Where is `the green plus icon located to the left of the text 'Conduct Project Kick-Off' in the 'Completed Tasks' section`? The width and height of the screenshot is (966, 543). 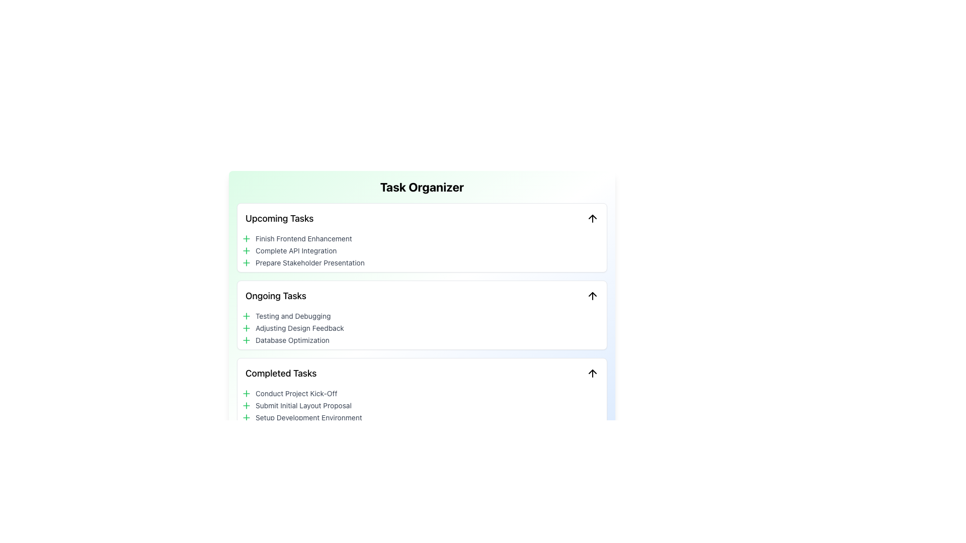
the green plus icon located to the left of the text 'Conduct Project Kick-Off' in the 'Completed Tasks' section is located at coordinates (246, 393).